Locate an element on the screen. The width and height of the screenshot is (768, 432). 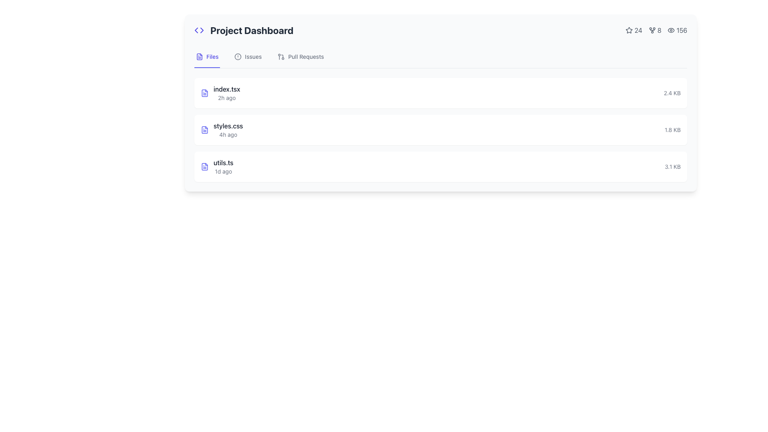
the 'Issues' text label in the navigation bar is located at coordinates (253, 56).